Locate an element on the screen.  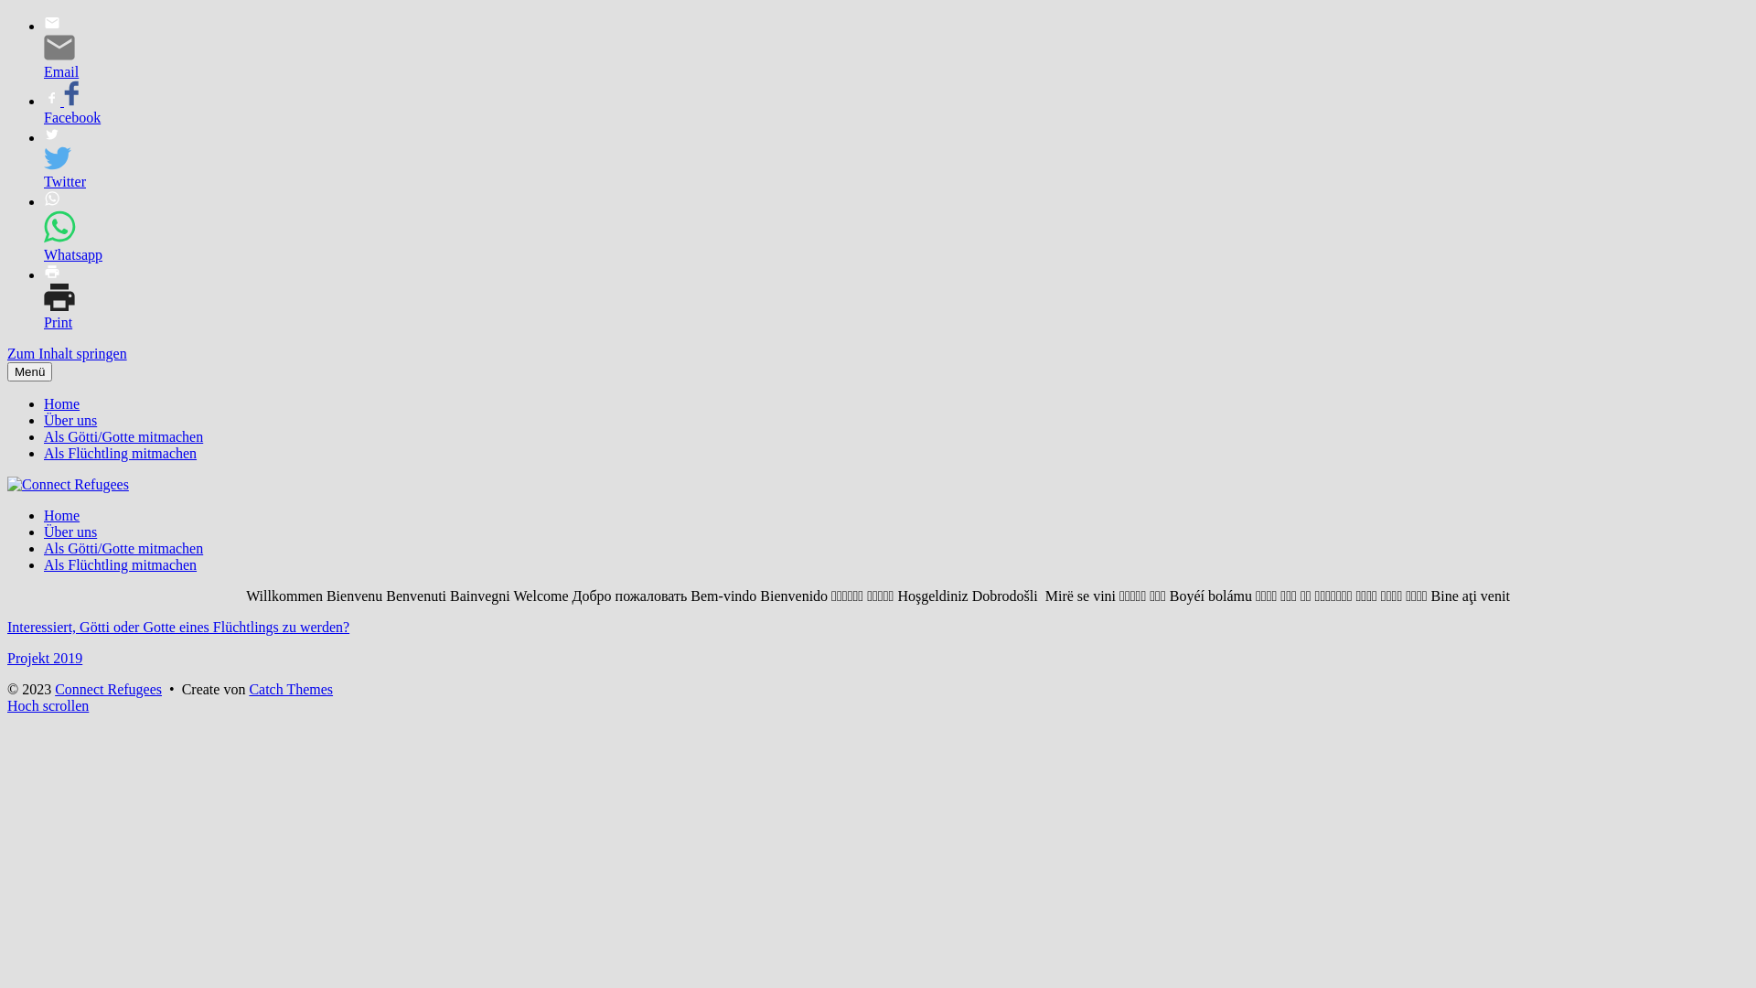
'Zum Inhalt springen' is located at coordinates (67, 353).